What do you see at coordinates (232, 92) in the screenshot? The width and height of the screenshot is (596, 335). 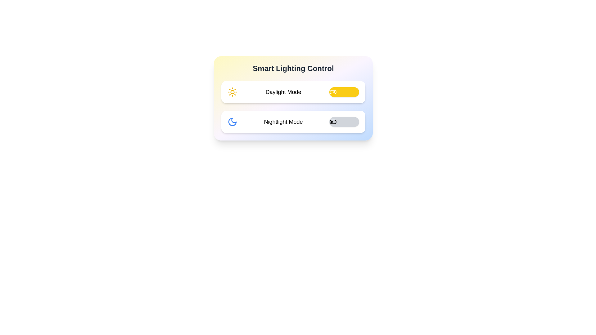 I see `the non-interactive graphical icon representing the sun's center in the 'Daylight Mode' section of the Smart Lighting Control panel` at bounding box center [232, 92].